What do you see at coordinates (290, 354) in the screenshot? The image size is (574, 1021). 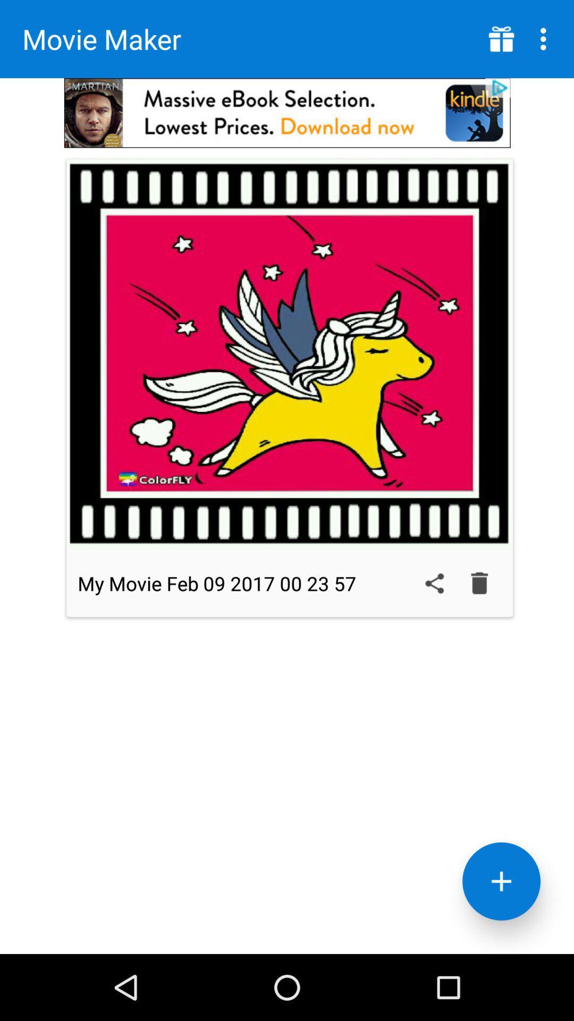 I see `video` at bounding box center [290, 354].